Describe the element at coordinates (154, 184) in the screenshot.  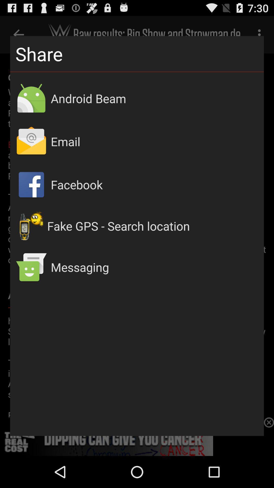
I see `facebook item` at that location.